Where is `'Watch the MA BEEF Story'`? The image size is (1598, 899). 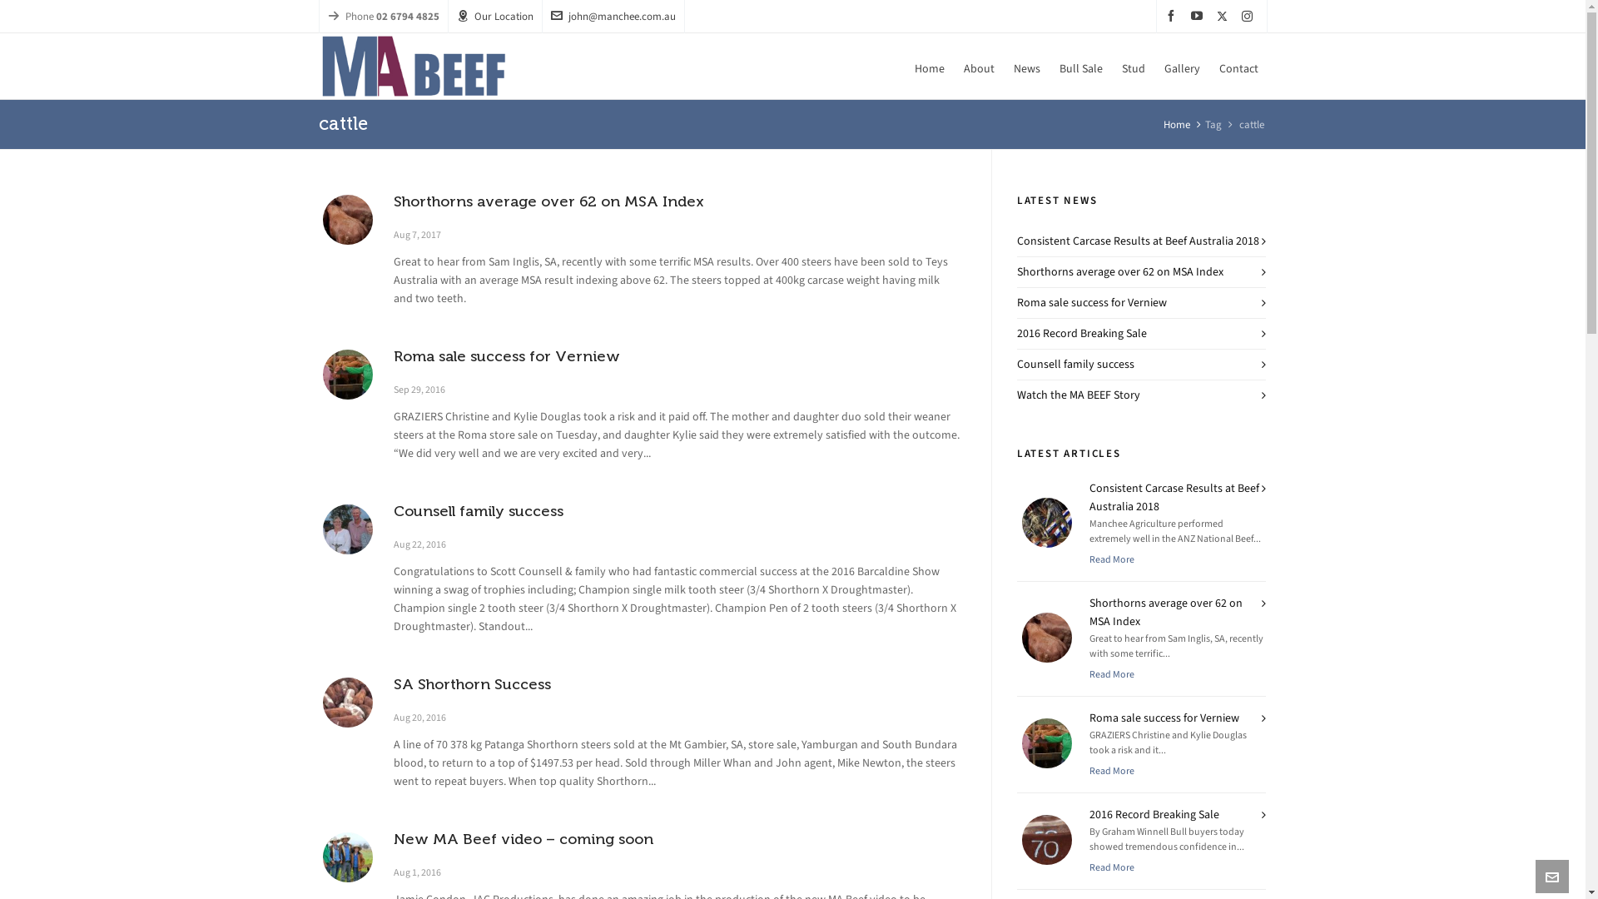 'Watch the MA BEEF Story' is located at coordinates (1079, 395).